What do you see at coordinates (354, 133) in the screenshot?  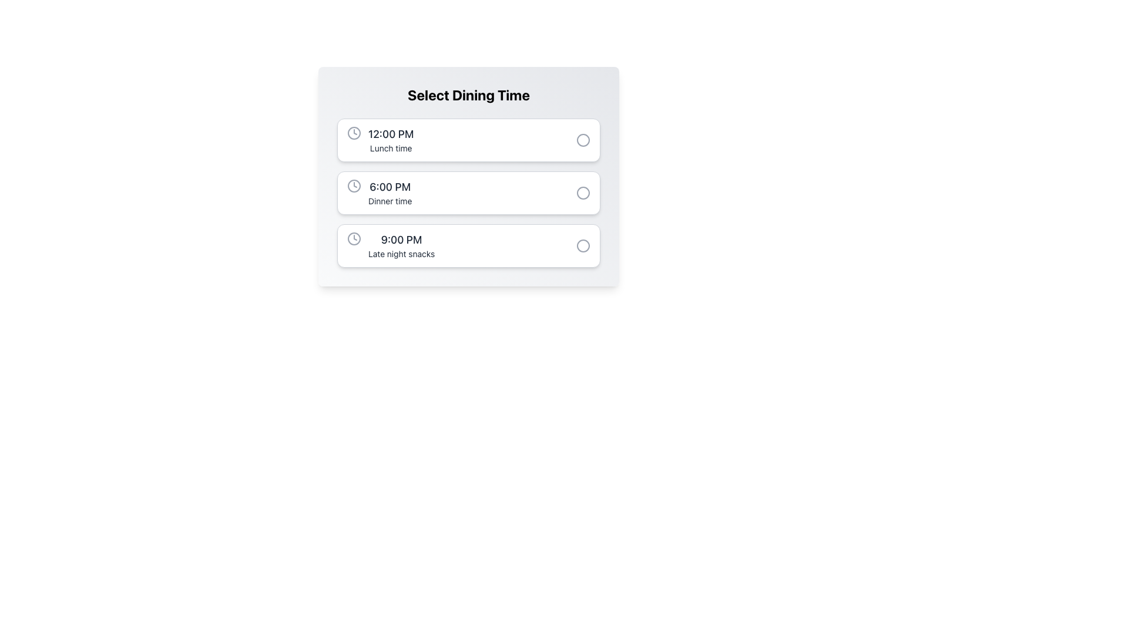 I see `the decorative icon representing the dining time, located to the left of '12:00 PM' in the first option of the Select Dining Time interface` at bounding box center [354, 133].